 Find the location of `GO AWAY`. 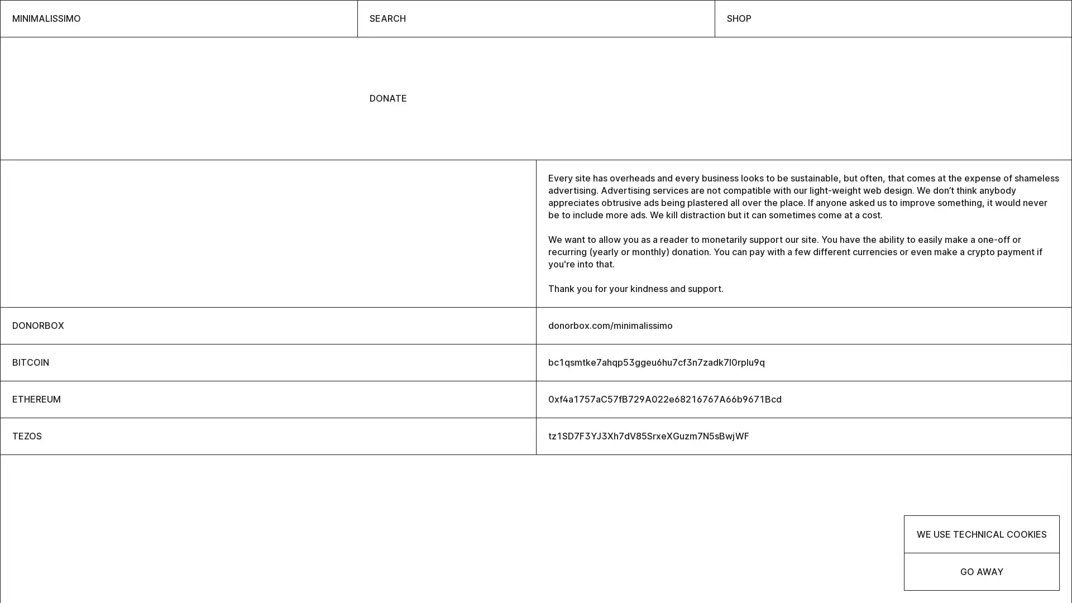

GO AWAY is located at coordinates (981, 571).